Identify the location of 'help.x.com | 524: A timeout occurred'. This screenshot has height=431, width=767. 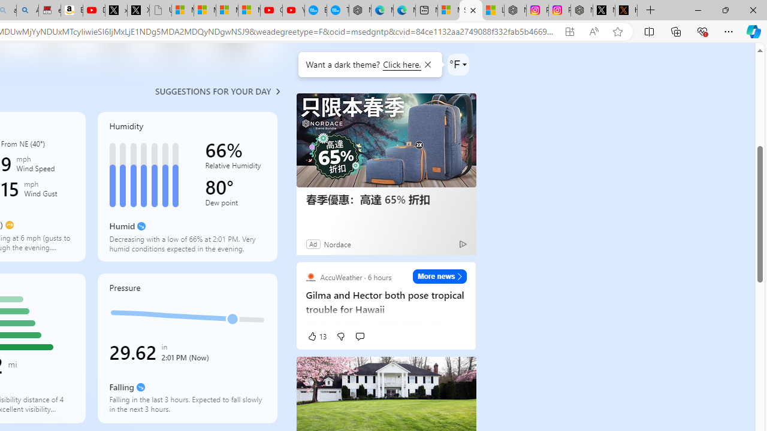
(626, 10).